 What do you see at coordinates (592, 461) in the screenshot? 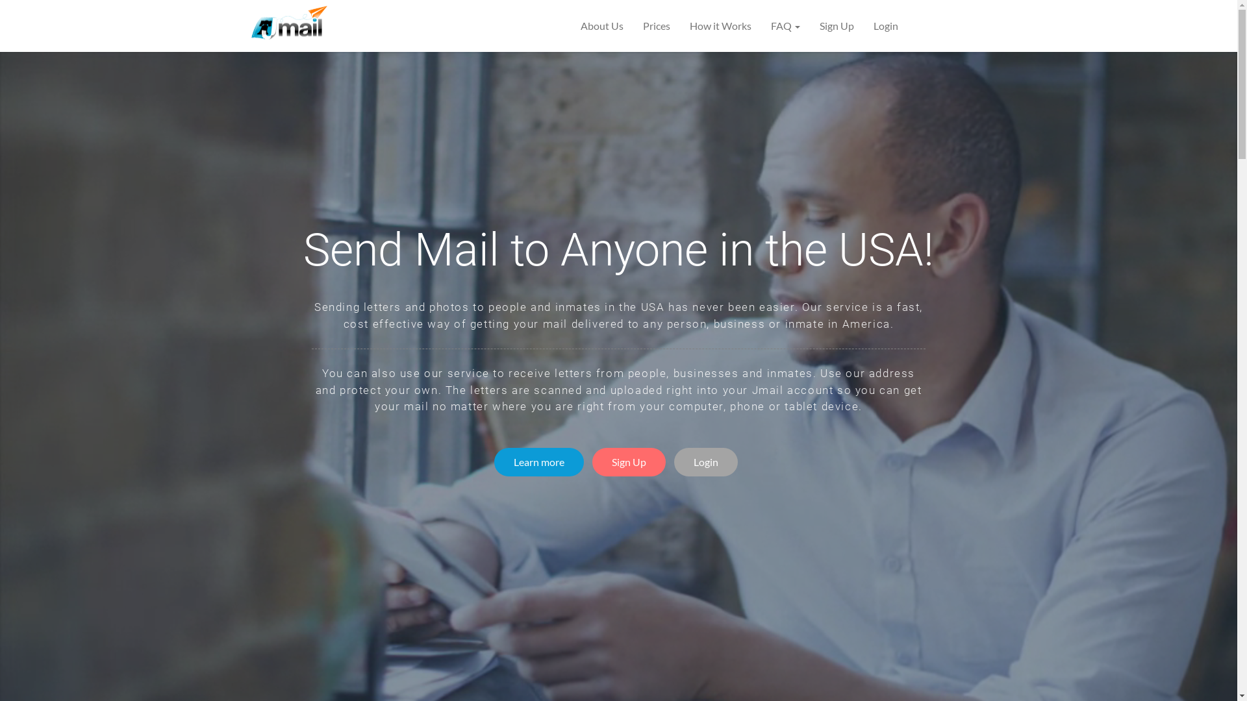
I see `'Sign Up'` at bounding box center [592, 461].